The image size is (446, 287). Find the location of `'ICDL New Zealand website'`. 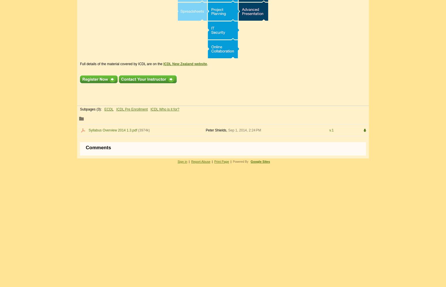

'ICDL New Zealand website' is located at coordinates (184, 63).